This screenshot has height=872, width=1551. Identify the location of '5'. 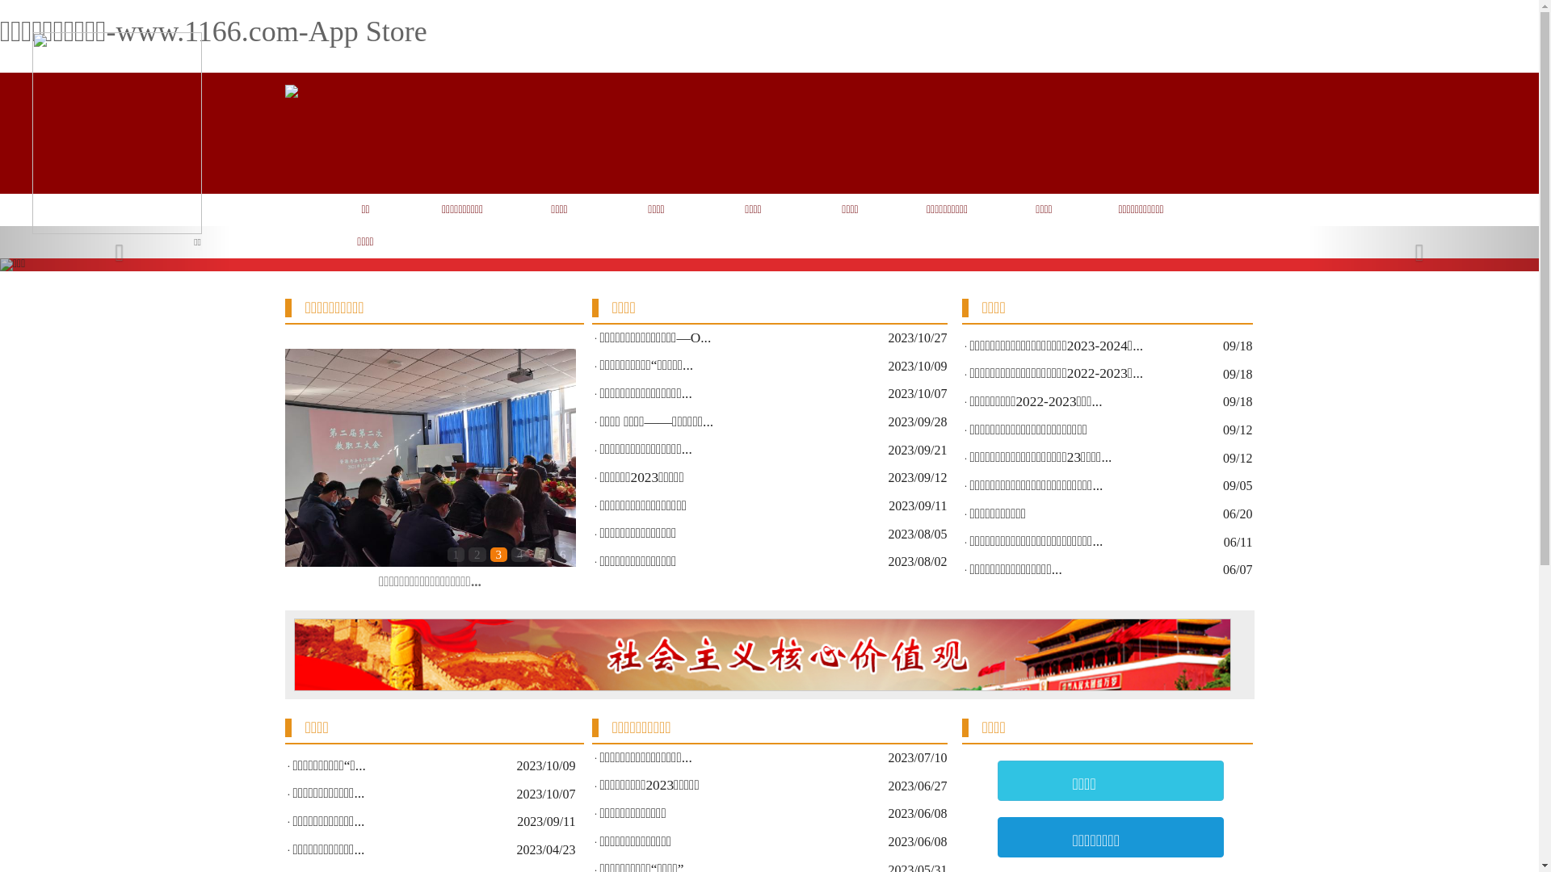
(542, 553).